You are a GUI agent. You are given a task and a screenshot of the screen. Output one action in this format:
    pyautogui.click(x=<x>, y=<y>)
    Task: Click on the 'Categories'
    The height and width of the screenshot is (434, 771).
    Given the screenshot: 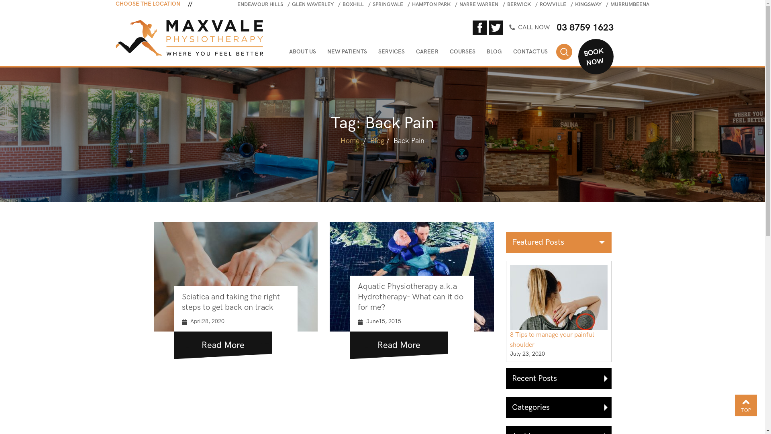 What is the action you would take?
    pyautogui.click(x=558, y=407)
    